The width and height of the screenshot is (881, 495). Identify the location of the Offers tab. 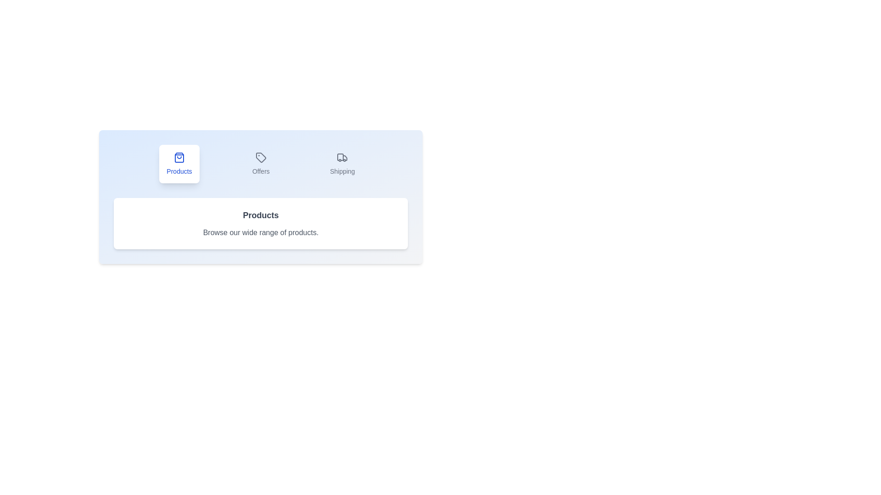
(260, 164).